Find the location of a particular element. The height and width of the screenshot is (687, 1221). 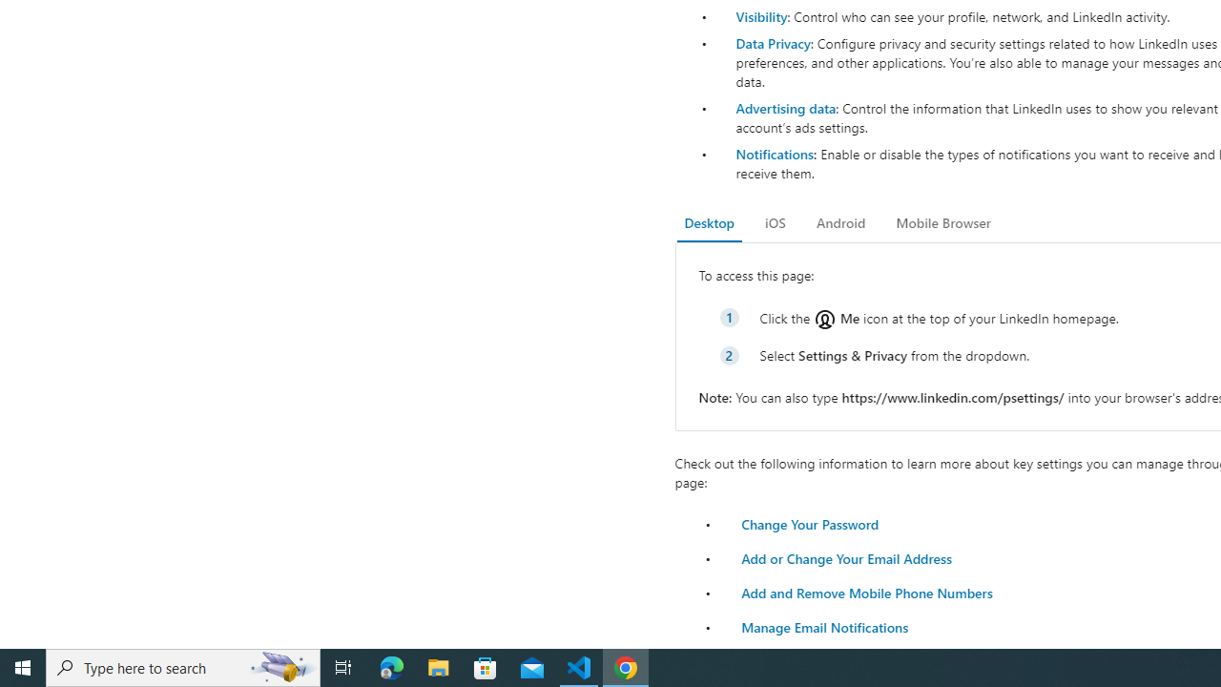

'Add or Change Your Email Address' is located at coordinates (845, 558).